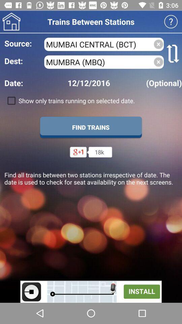 This screenshot has width=182, height=324. What do you see at coordinates (158, 62) in the screenshot?
I see `the close button` at bounding box center [158, 62].